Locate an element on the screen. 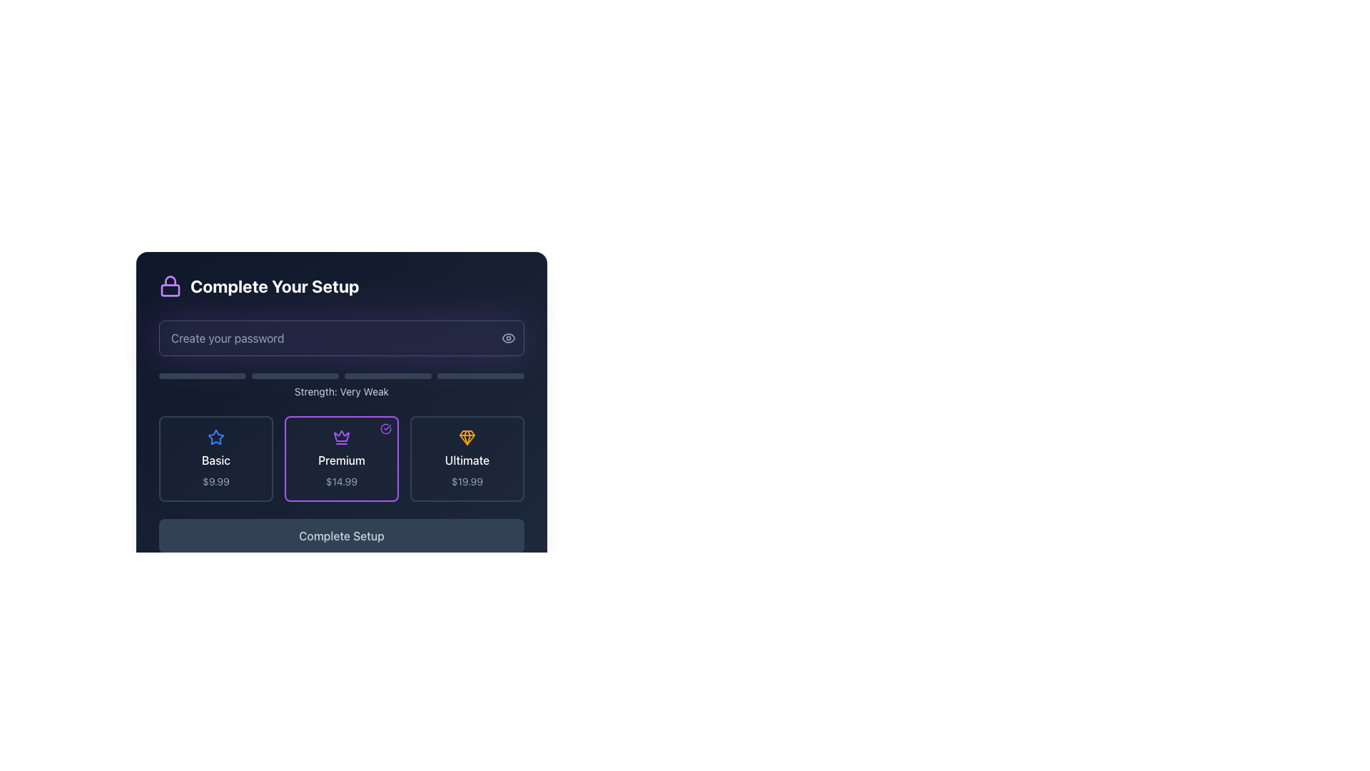 The height and width of the screenshot is (771, 1370). the second progress bar segment located below the 'Create your password' input field, which visually represents progress in the process is located at coordinates (294, 376).